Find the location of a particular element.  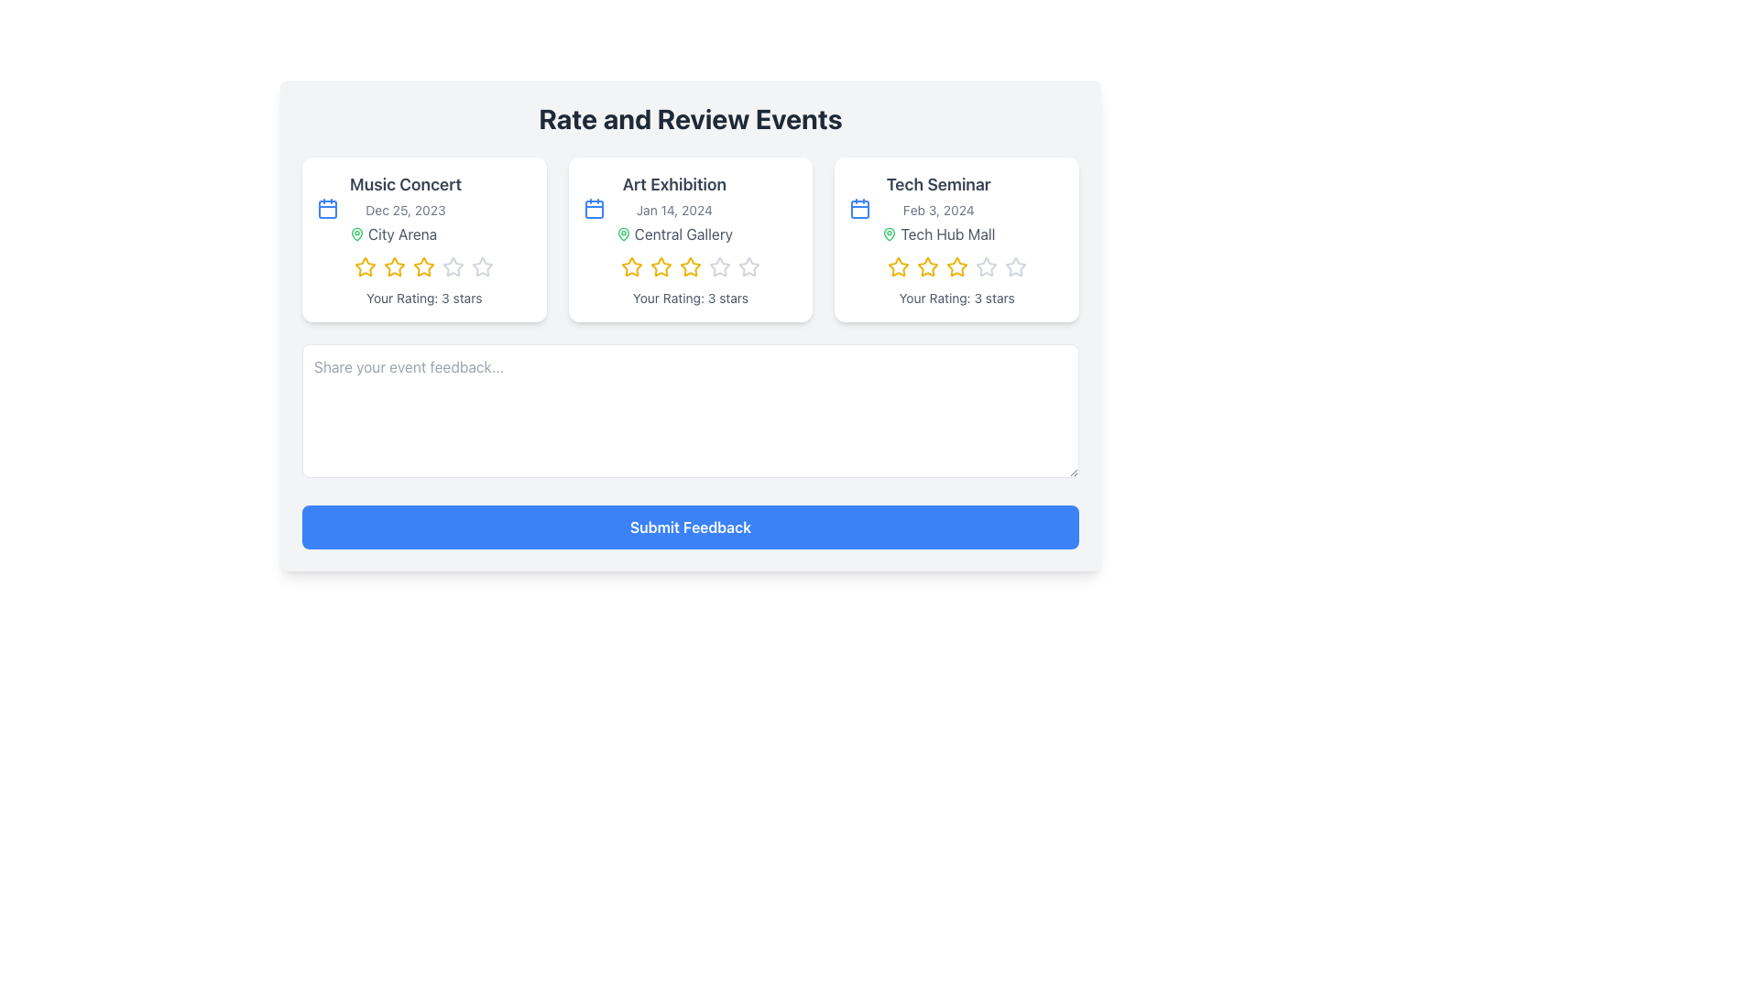

the green map pin icon that marks the location next to the 'Central Gallery' text in the 'Art Exhibition' card is located at coordinates (623, 233).